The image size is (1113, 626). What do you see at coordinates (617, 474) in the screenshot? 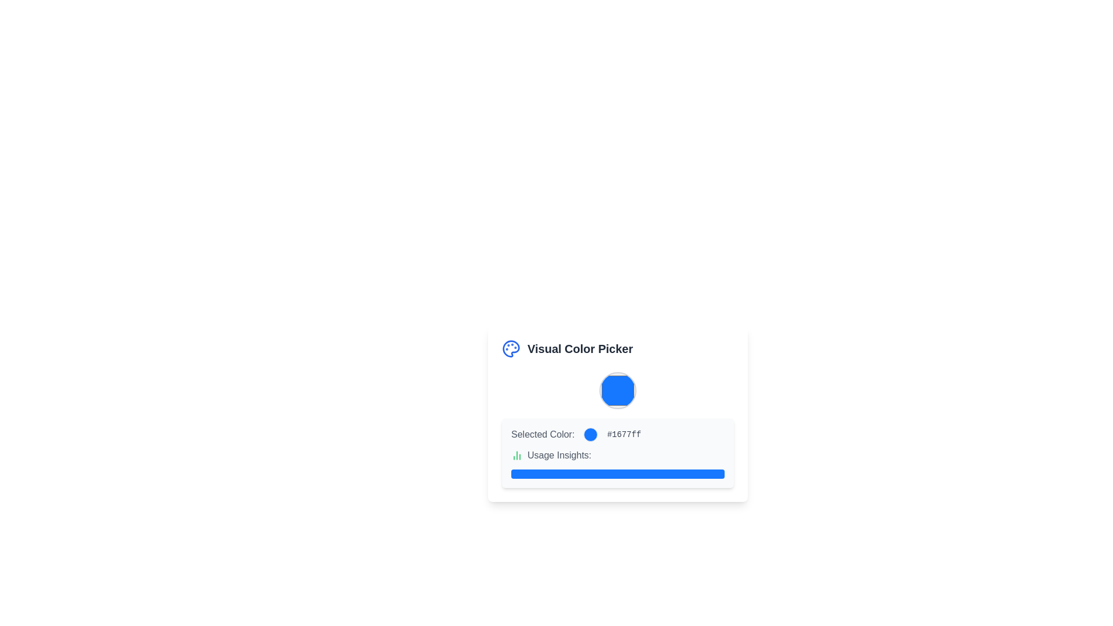
I see `the Progress bar or visual indicator located beneath the 'Usage Insights:' text, which serves as a non-interactive visual metric` at bounding box center [617, 474].